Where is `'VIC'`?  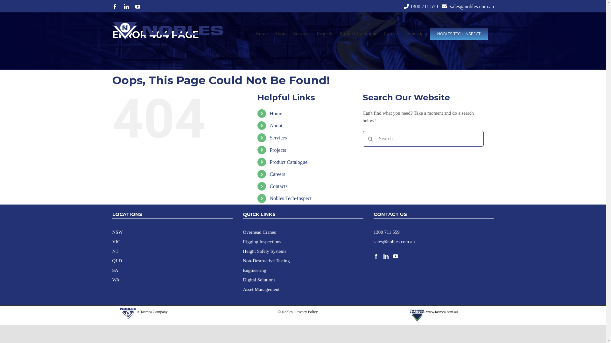 'VIC' is located at coordinates (112, 241).